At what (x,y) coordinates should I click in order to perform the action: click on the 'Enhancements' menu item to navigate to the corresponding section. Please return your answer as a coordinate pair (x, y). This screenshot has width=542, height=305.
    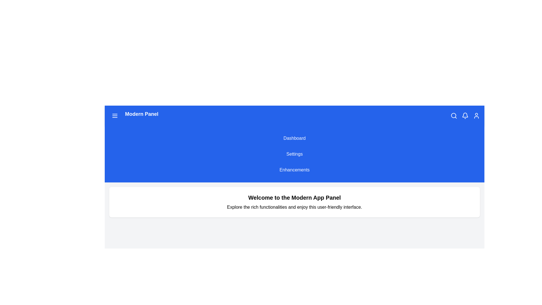
    Looking at the image, I should click on (294, 169).